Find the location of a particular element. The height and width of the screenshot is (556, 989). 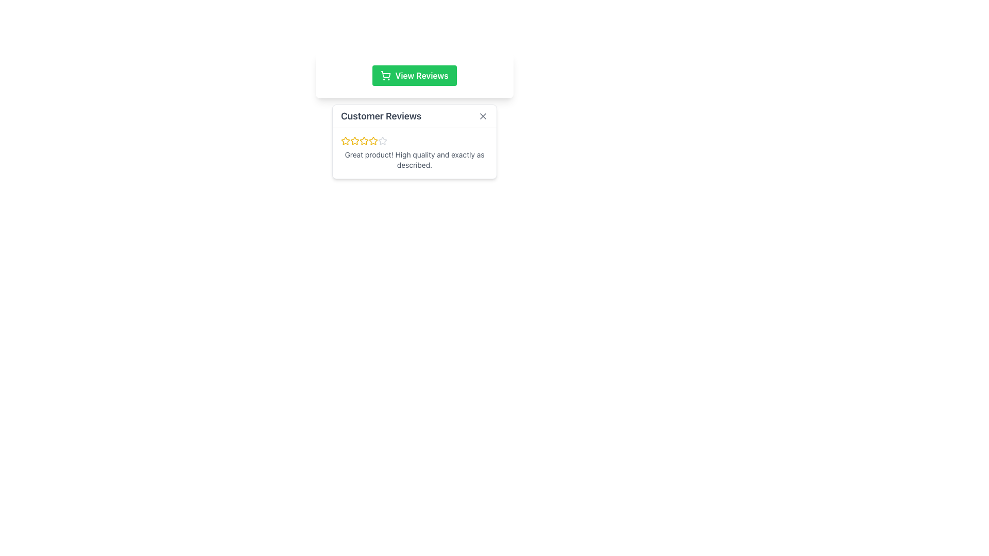

the third rating star icon in the Customer Reviews section is located at coordinates (372, 141).